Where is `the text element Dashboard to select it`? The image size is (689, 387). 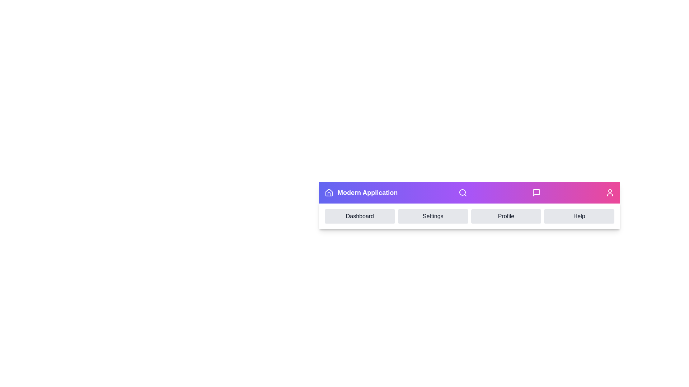 the text element Dashboard to select it is located at coordinates (360, 216).